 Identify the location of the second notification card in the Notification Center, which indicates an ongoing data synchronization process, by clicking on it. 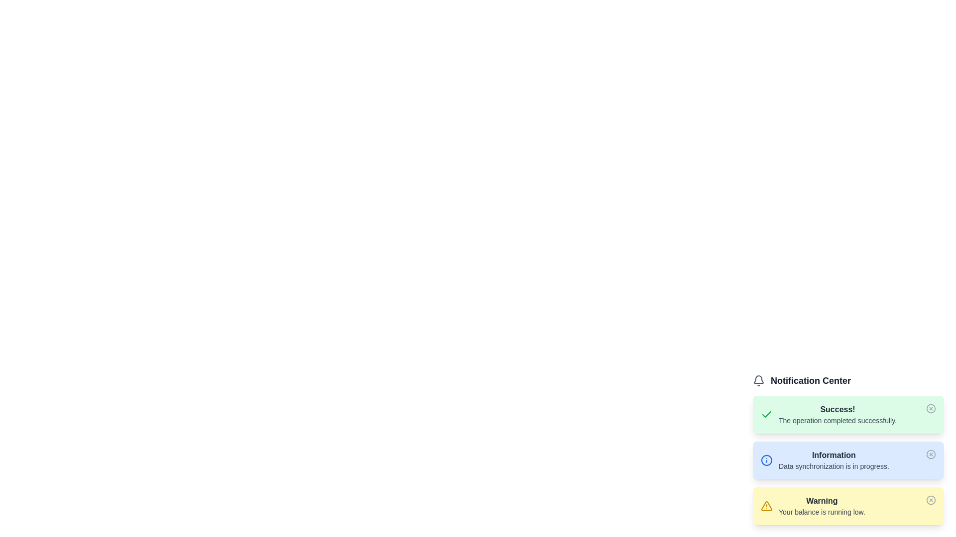
(825, 460).